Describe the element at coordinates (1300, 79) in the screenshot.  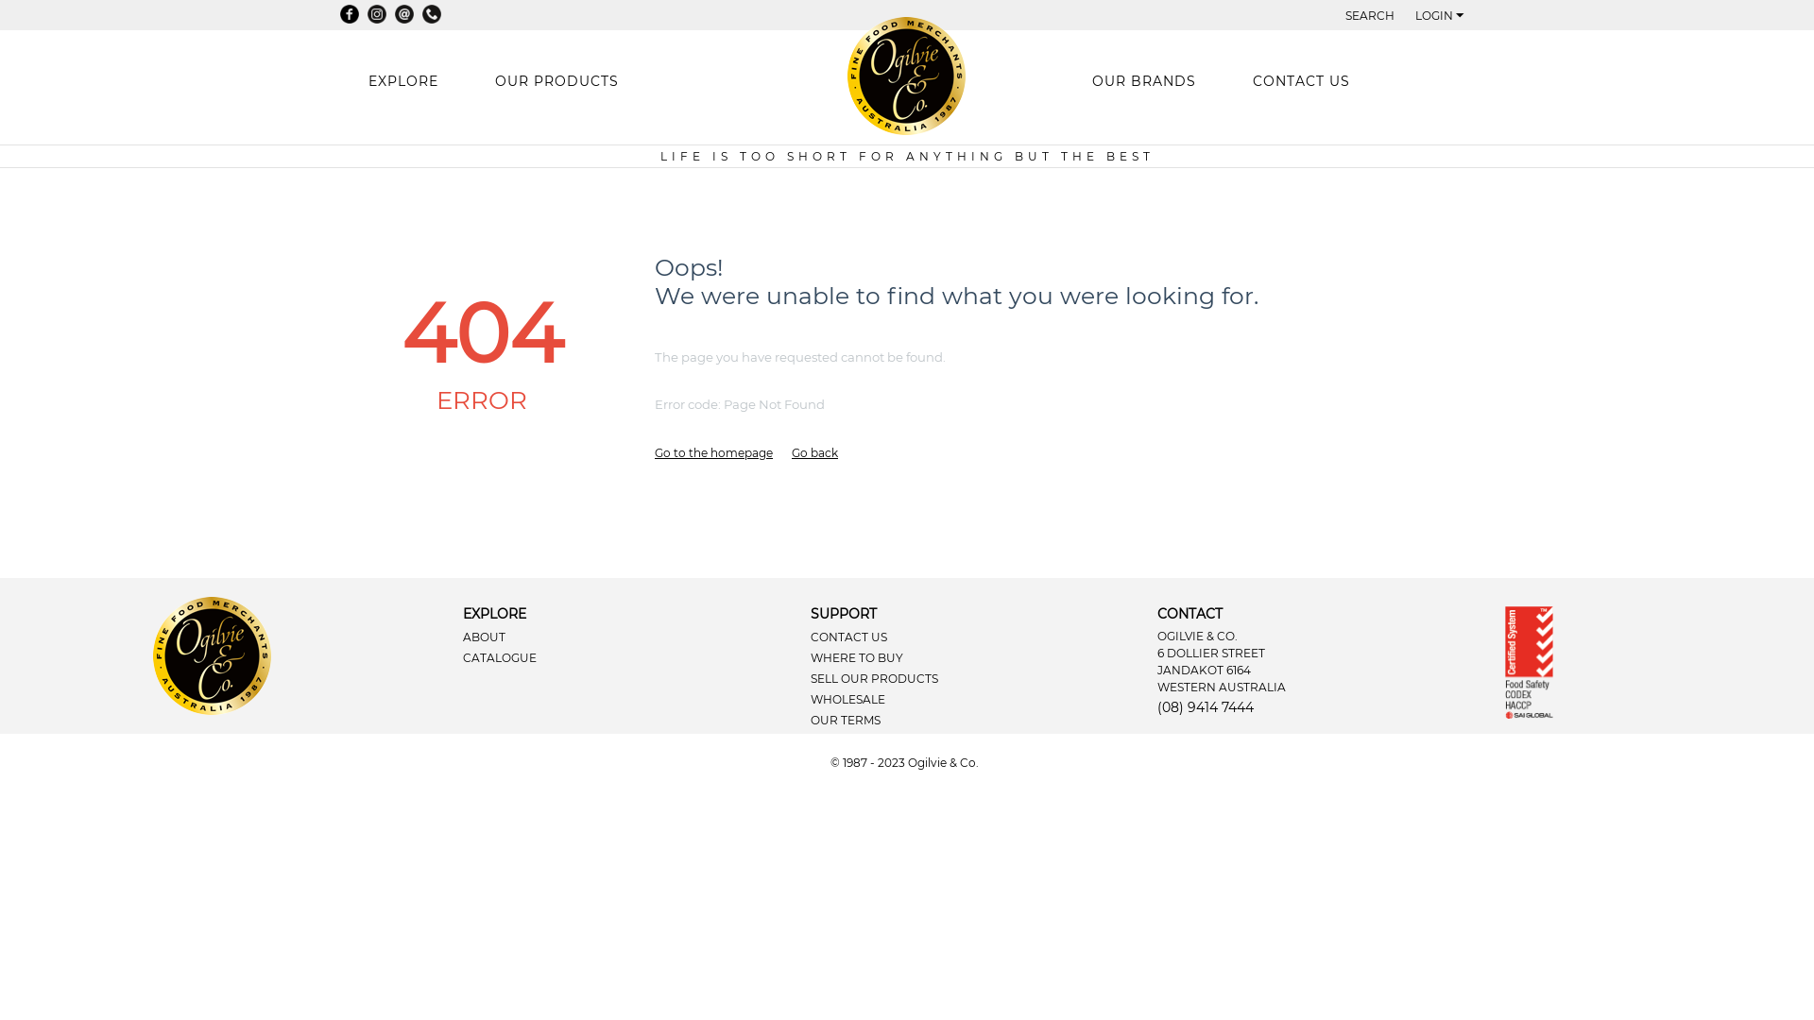
I see `'CONTACT US'` at that location.